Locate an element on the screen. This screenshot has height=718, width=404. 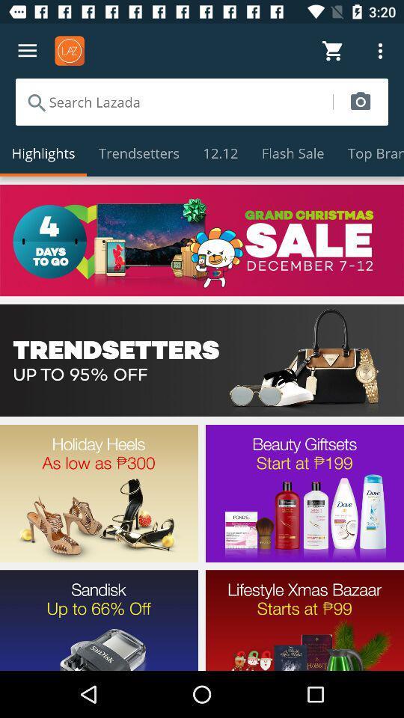
search function is located at coordinates (173, 101).